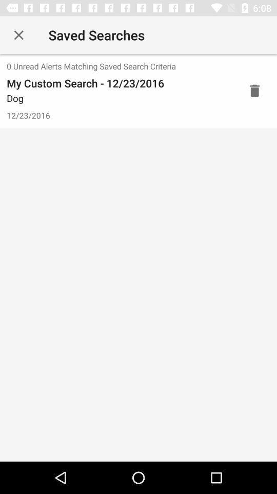  What do you see at coordinates (18, 35) in the screenshot?
I see `the item next to the saved searches icon` at bounding box center [18, 35].